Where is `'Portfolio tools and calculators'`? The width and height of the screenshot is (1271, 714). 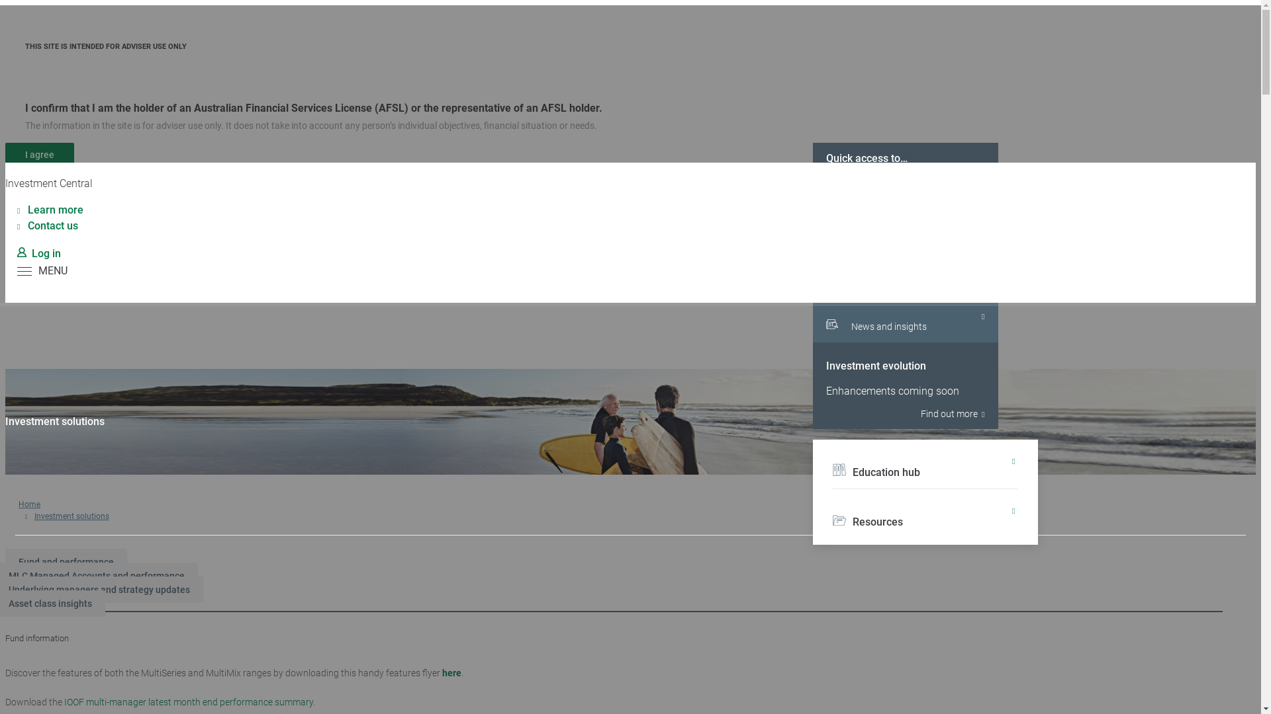 'Portfolio tools and calculators' is located at coordinates (905, 196).